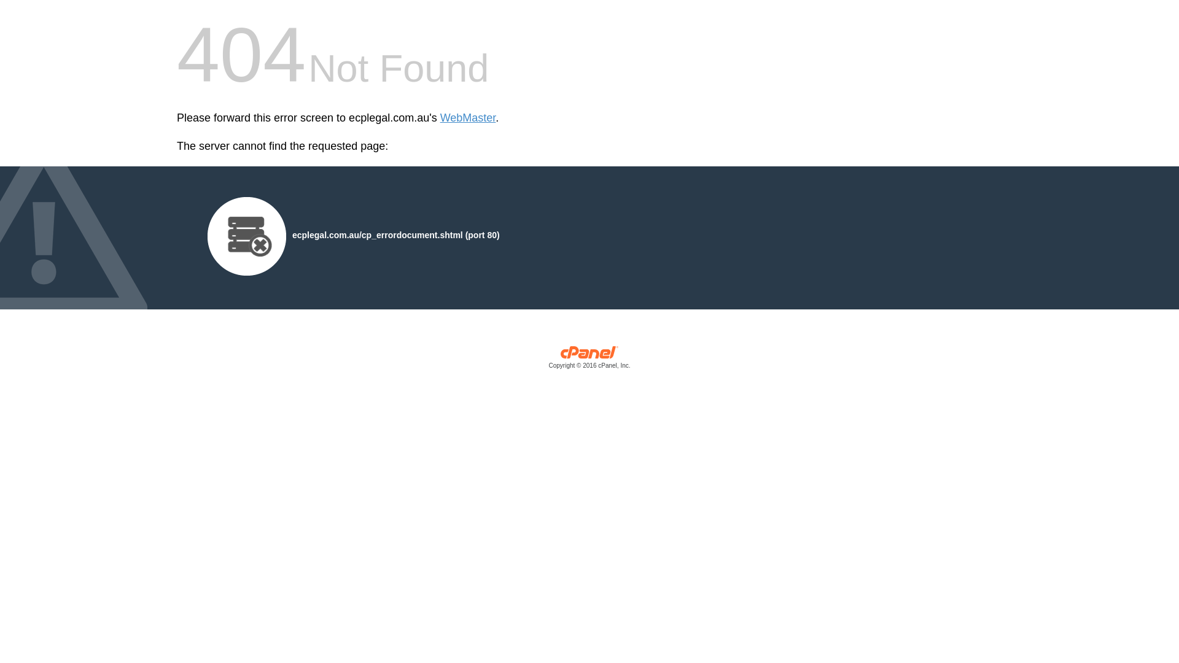 Image resolution: width=1179 pixels, height=663 pixels. Describe the element at coordinates (467, 118) in the screenshot. I see `'WebMaster'` at that location.